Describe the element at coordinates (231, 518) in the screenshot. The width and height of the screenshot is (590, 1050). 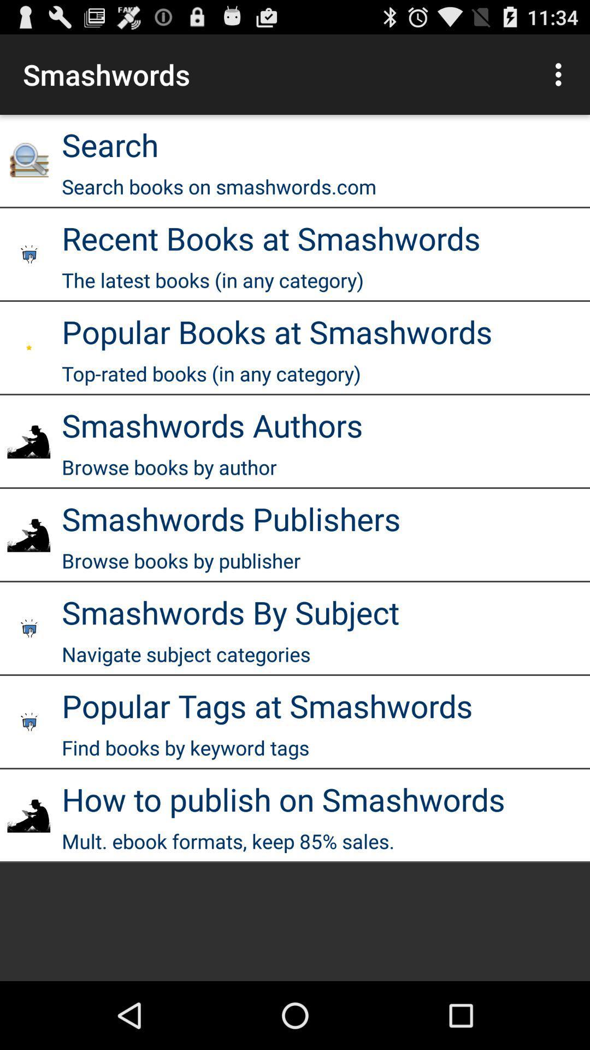
I see `app below the browse books by app` at that location.